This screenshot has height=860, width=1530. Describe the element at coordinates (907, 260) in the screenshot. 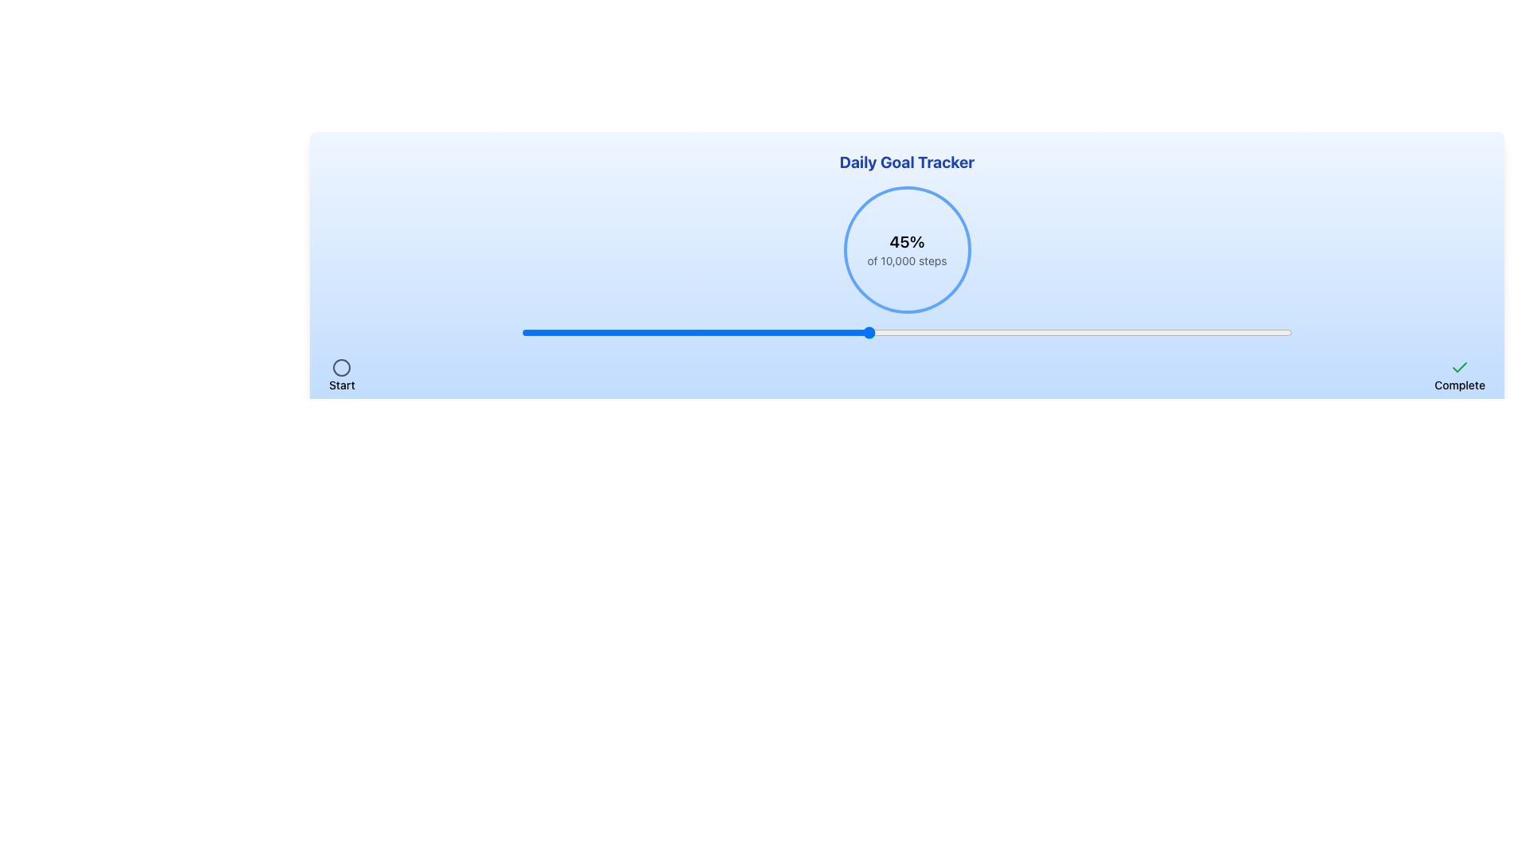

I see `text from the descriptive label indicating the total step goal, which is located below the '45%' text segment within the circular design in the 'Daily Goal Tracker' section` at that location.